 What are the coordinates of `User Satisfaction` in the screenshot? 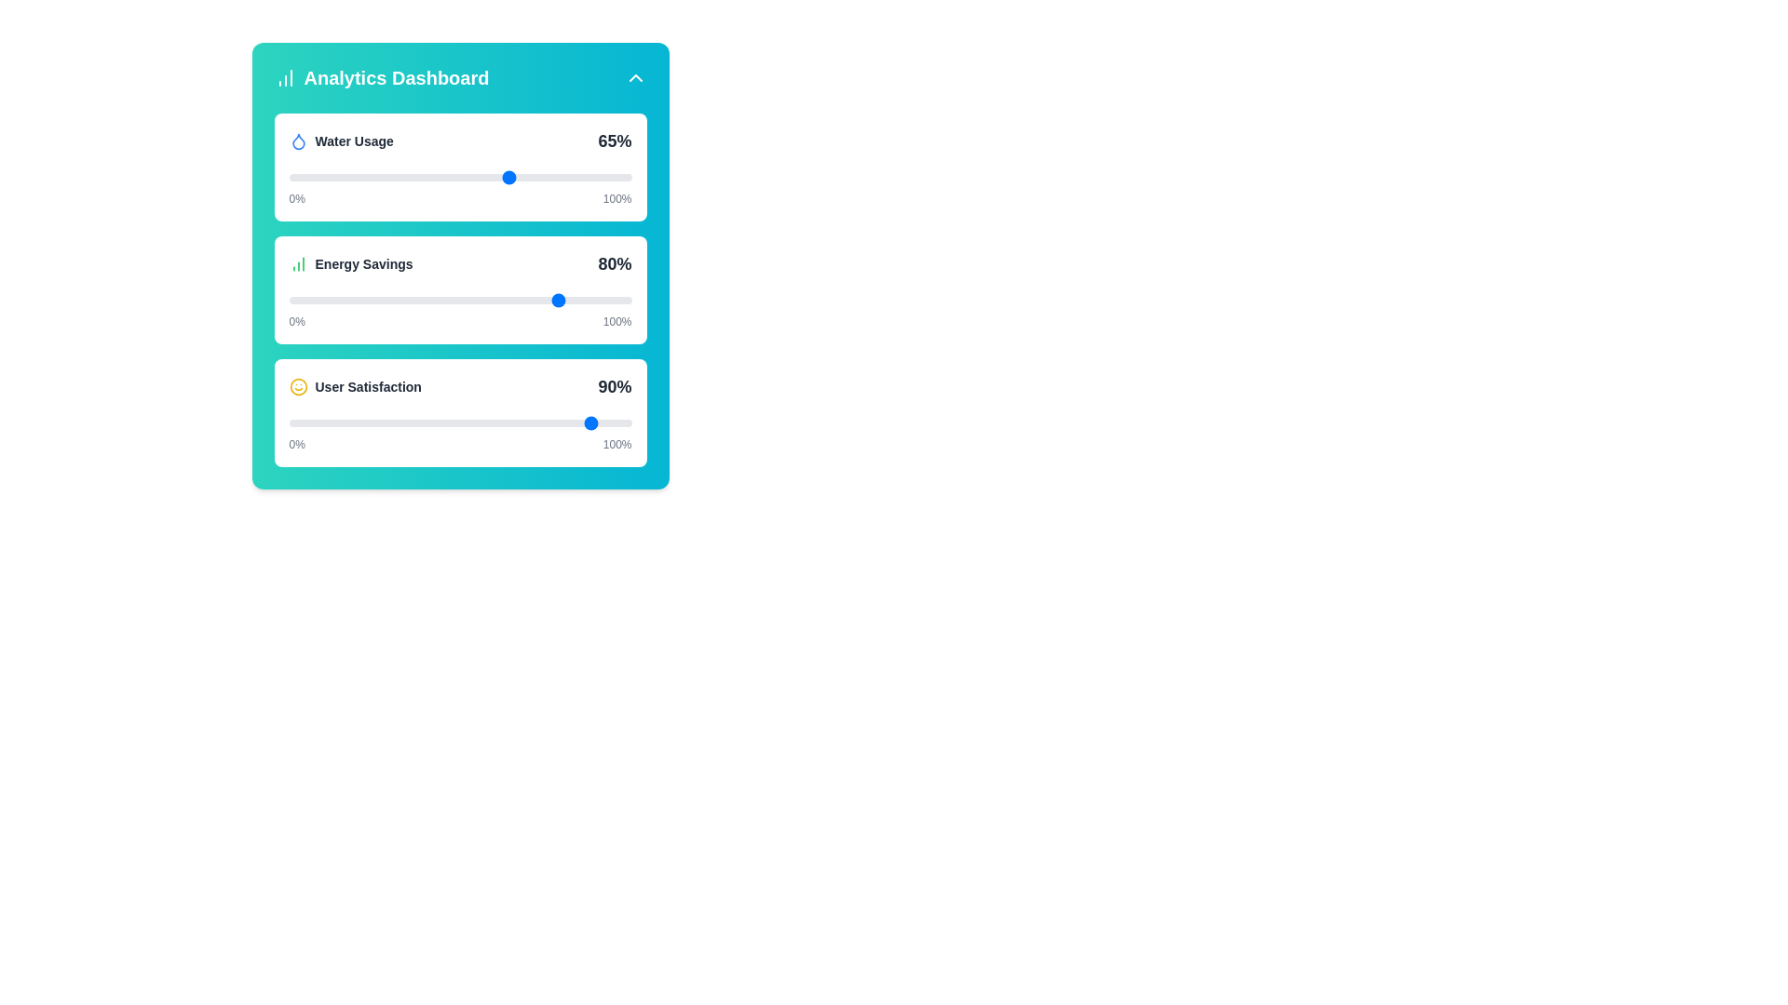 It's located at (484, 423).